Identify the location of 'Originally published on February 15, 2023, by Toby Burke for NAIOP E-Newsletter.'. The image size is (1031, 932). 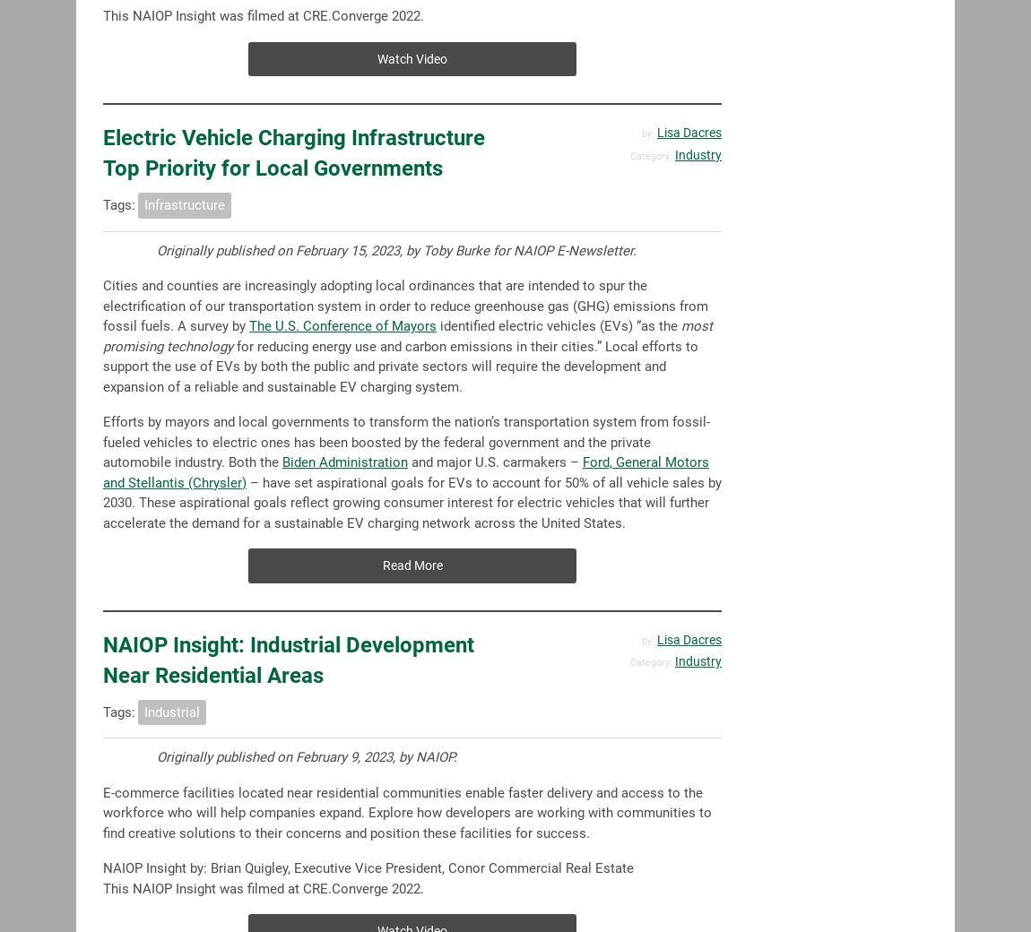
(396, 249).